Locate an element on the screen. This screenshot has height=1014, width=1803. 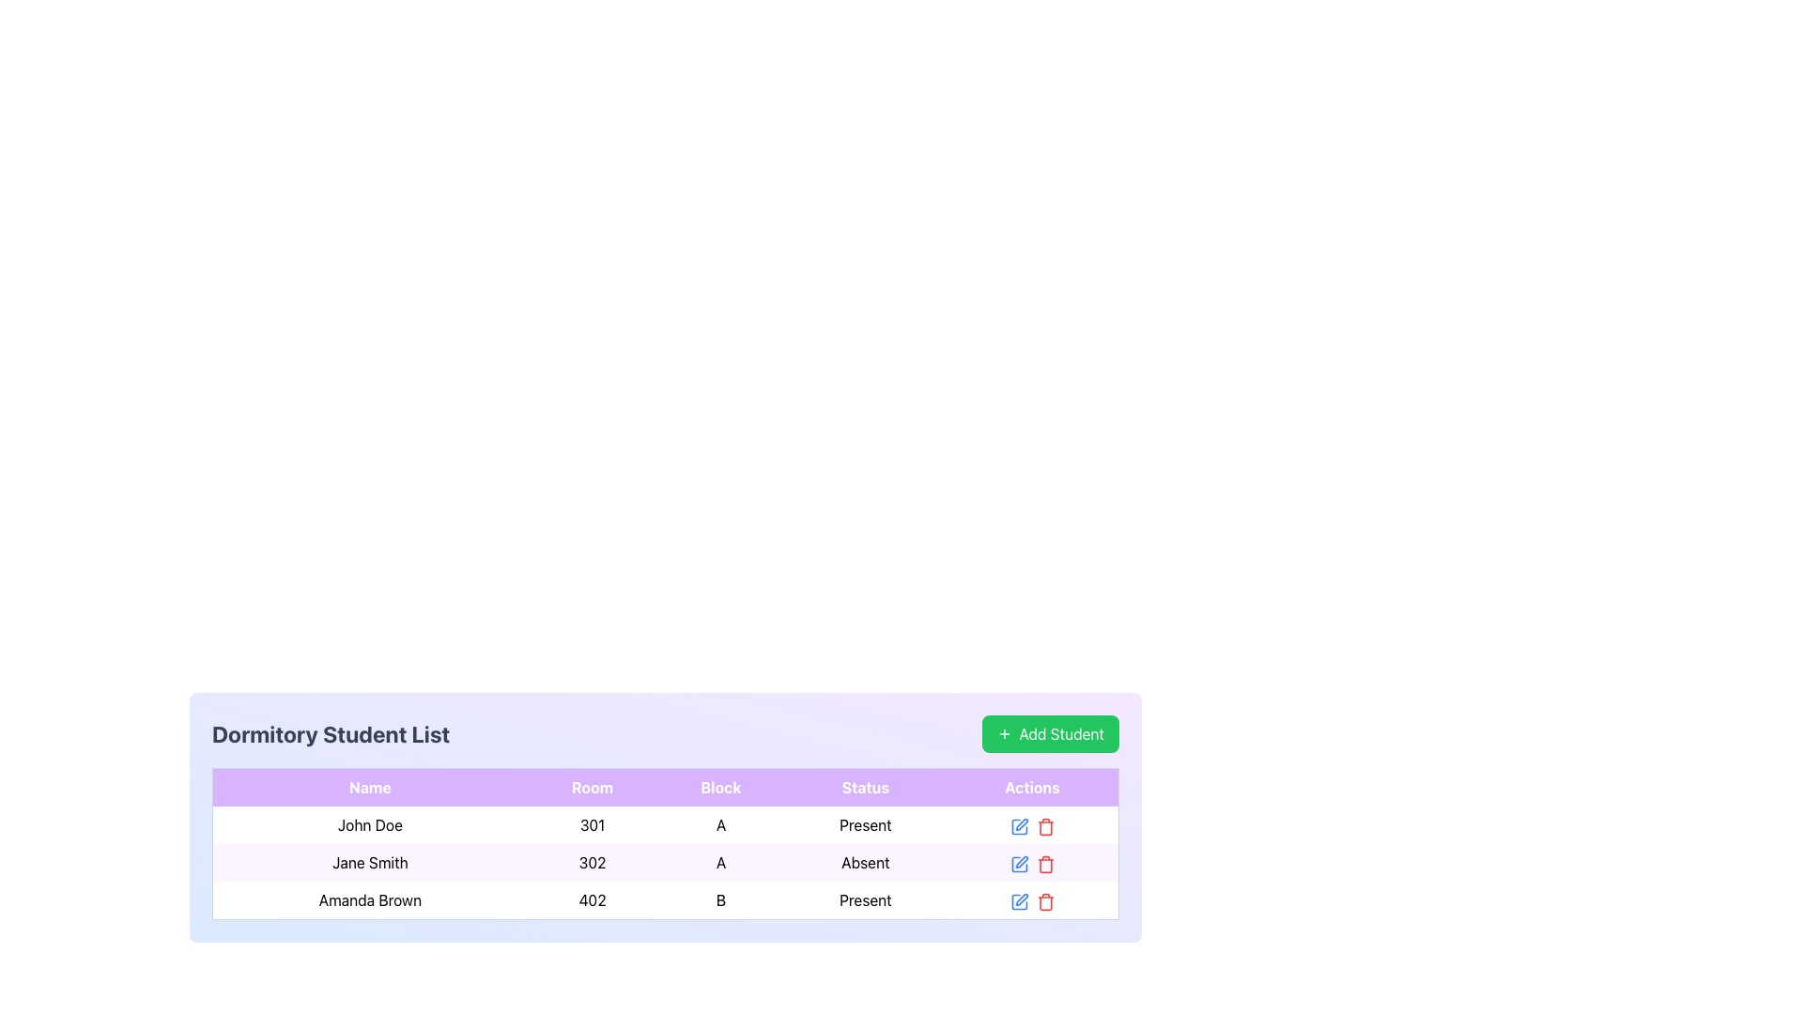
the Table Column Header labeled 'Actions', which has white text on a purple background, located at the fifth cell of the header row is located at coordinates (1031, 787).